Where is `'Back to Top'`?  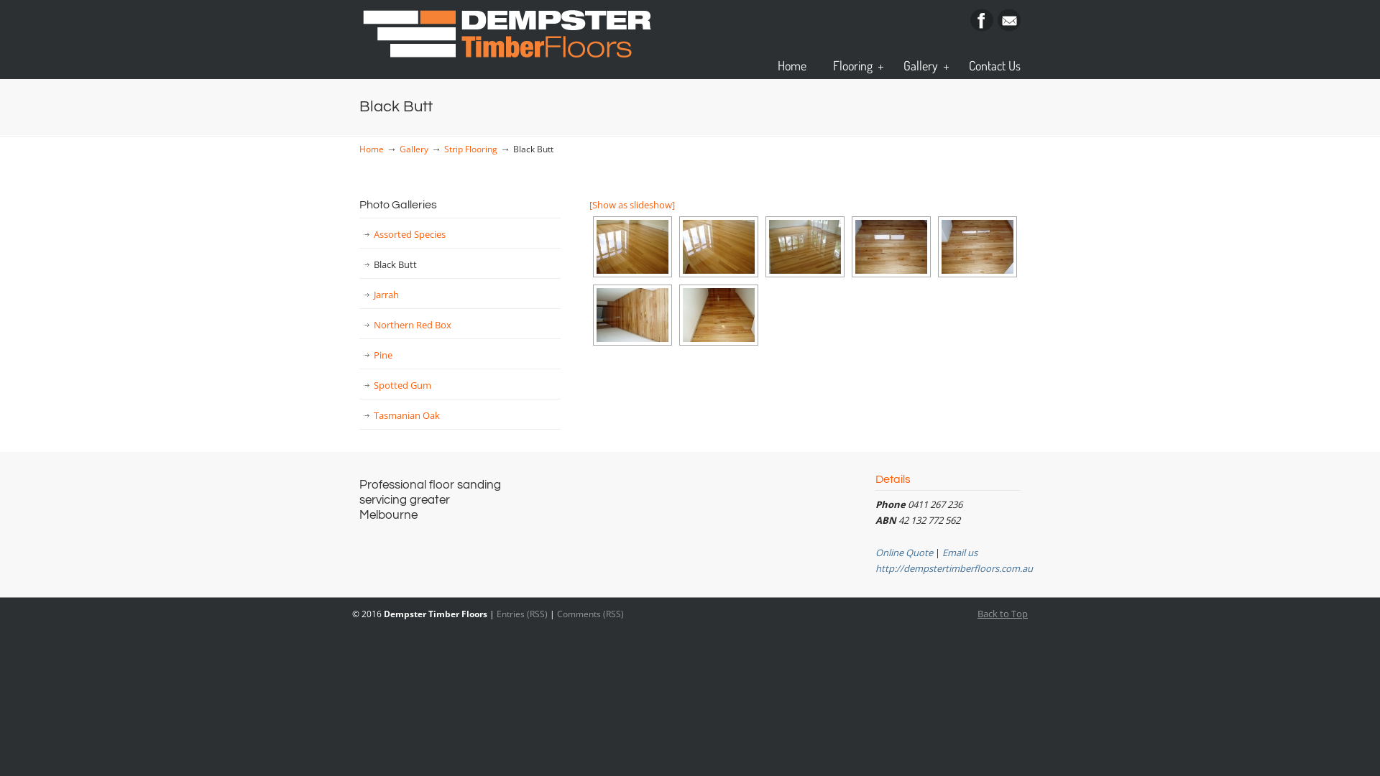
'Back to Top' is located at coordinates (1002, 613).